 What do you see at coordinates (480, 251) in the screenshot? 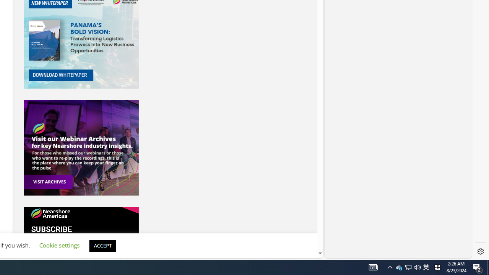
I see `'Settings'` at bounding box center [480, 251].